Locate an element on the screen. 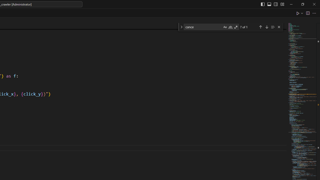 This screenshot has width=320, height=180. 'Run Python File' is located at coordinates (298, 13).